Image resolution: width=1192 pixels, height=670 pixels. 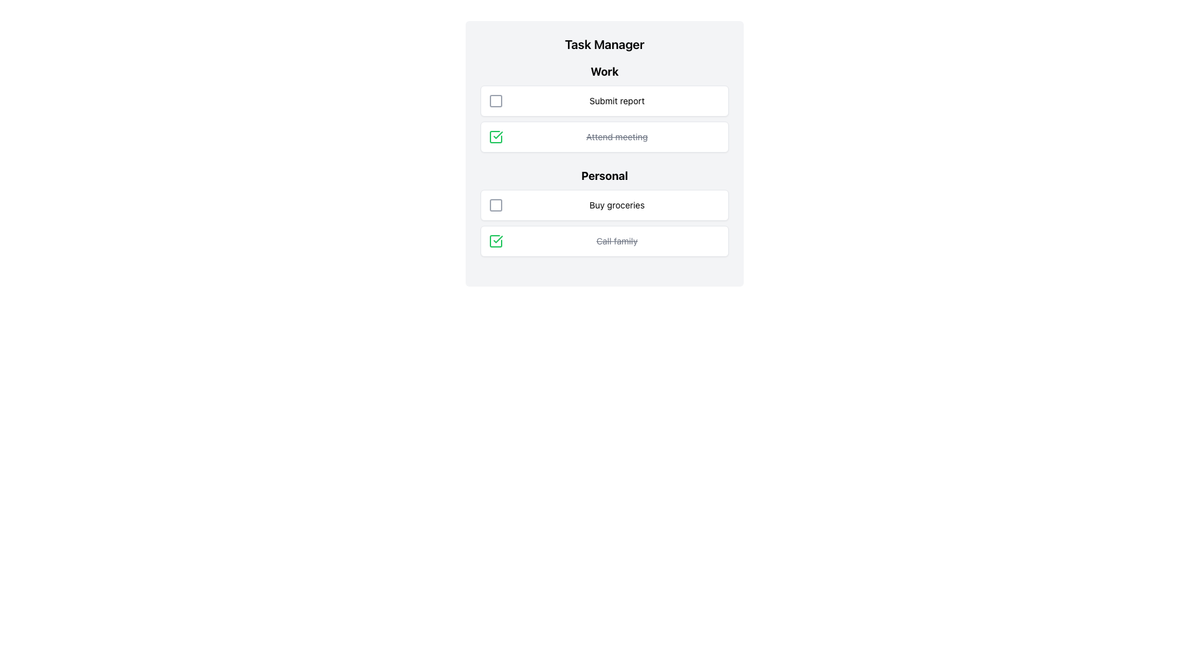 I want to click on the task list item titled 'Buy groceries', so click(x=605, y=205).